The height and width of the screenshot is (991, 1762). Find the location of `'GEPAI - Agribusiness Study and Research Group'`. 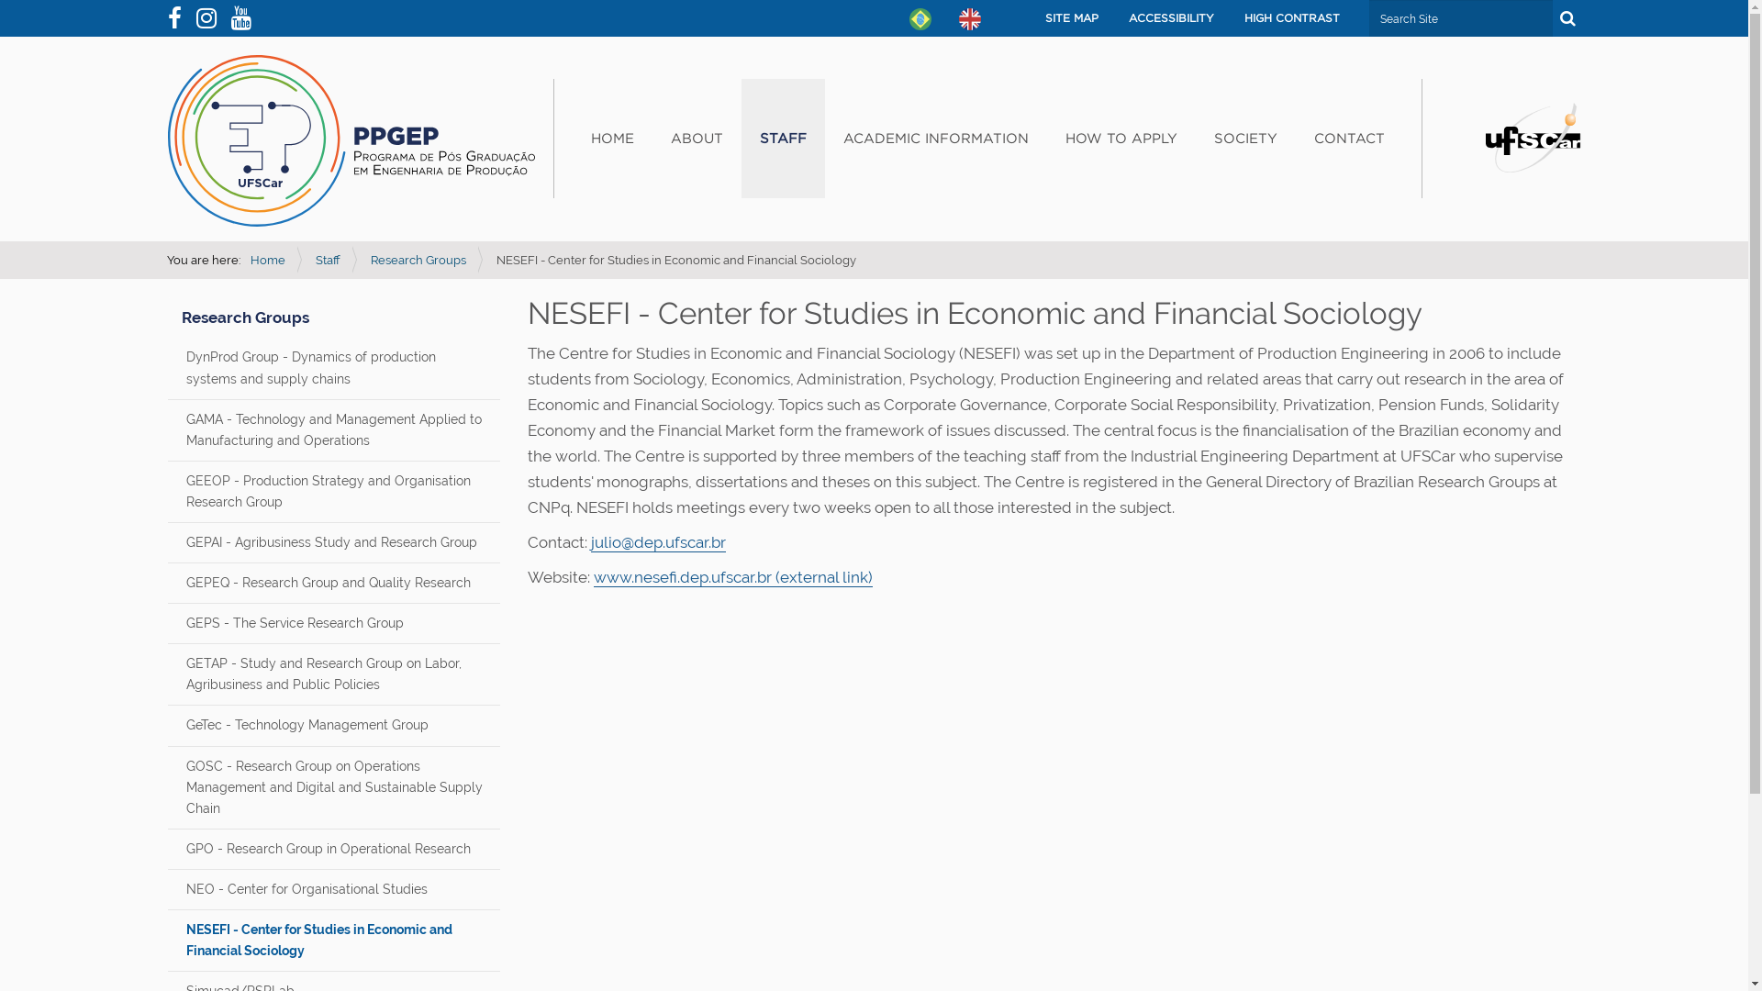

'GEPAI - Agribusiness Study and Research Group' is located at coordinates (333, 540).